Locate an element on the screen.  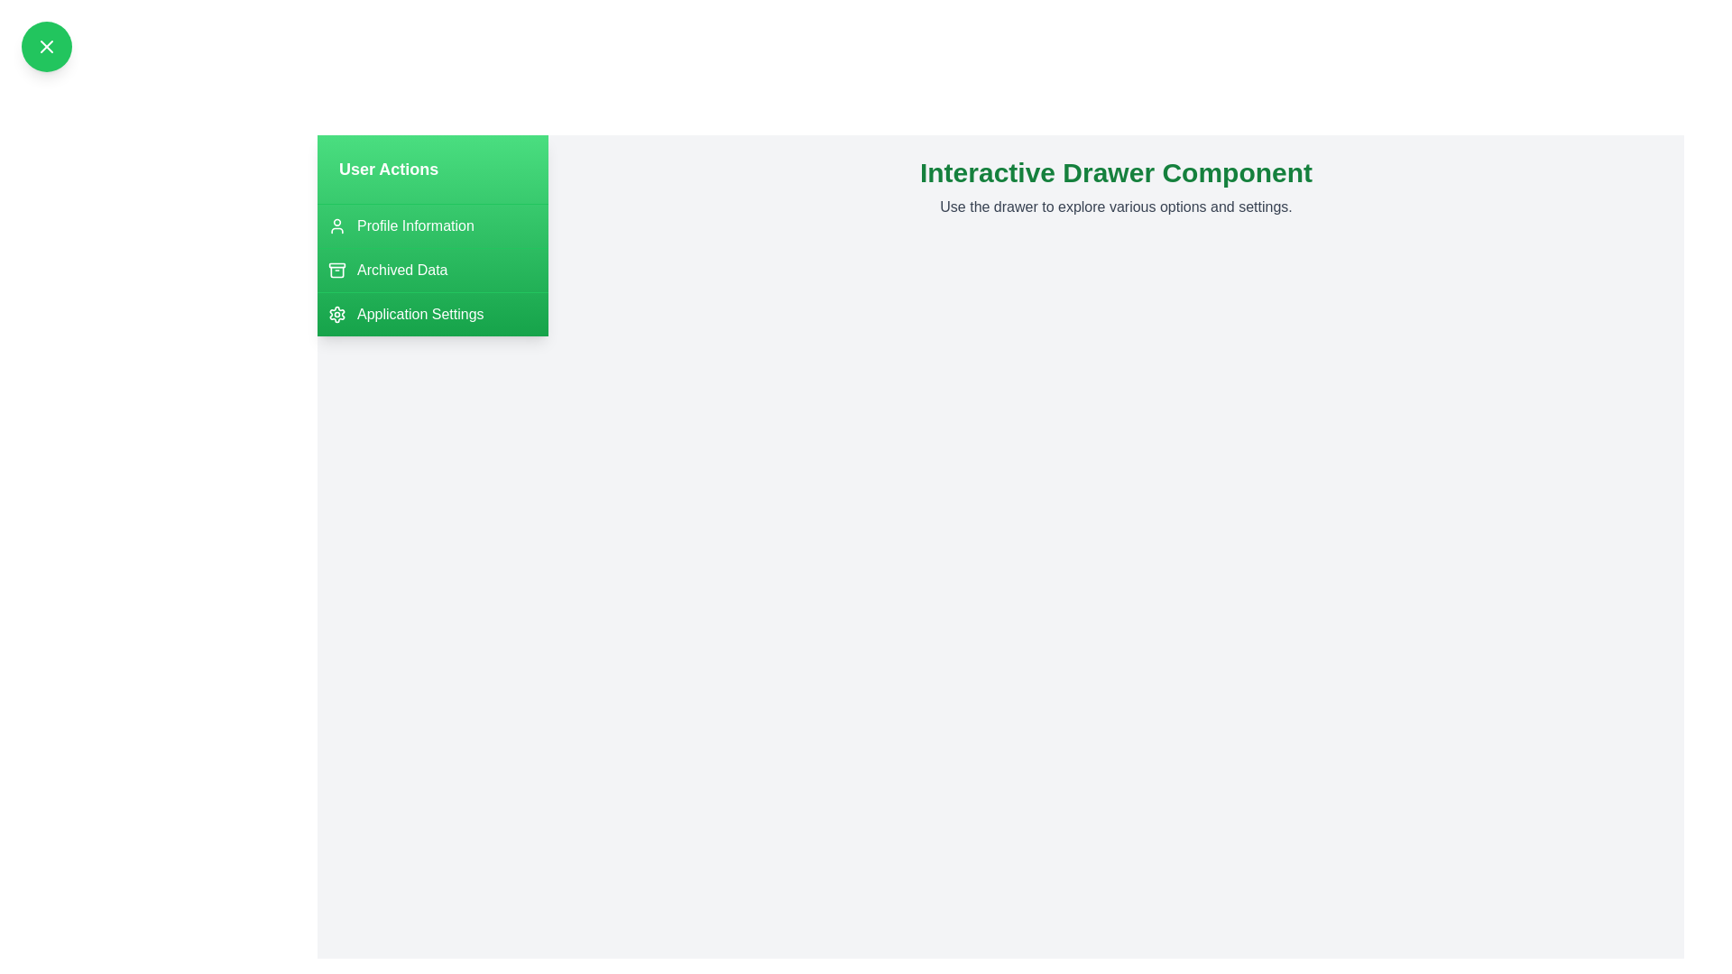
the 'Application Settings' menu item in the drawer is located at coordinates (433, 313).